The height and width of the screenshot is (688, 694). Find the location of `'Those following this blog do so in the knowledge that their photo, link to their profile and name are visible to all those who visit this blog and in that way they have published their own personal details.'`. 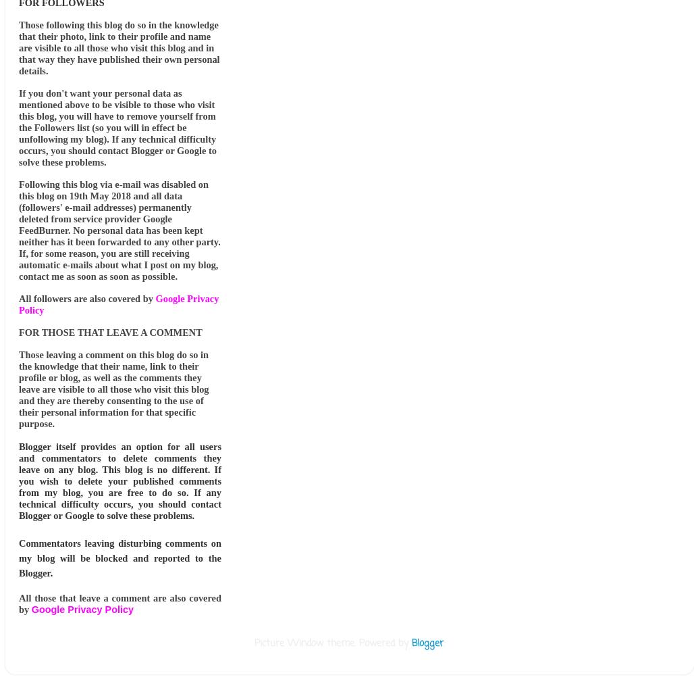

'Those following this blog do so in the knowledge that their photo, link to their profile and name are visible to all those who visit this blog and in that way they have published their own personal details.' is located at coordinates (119, 47).